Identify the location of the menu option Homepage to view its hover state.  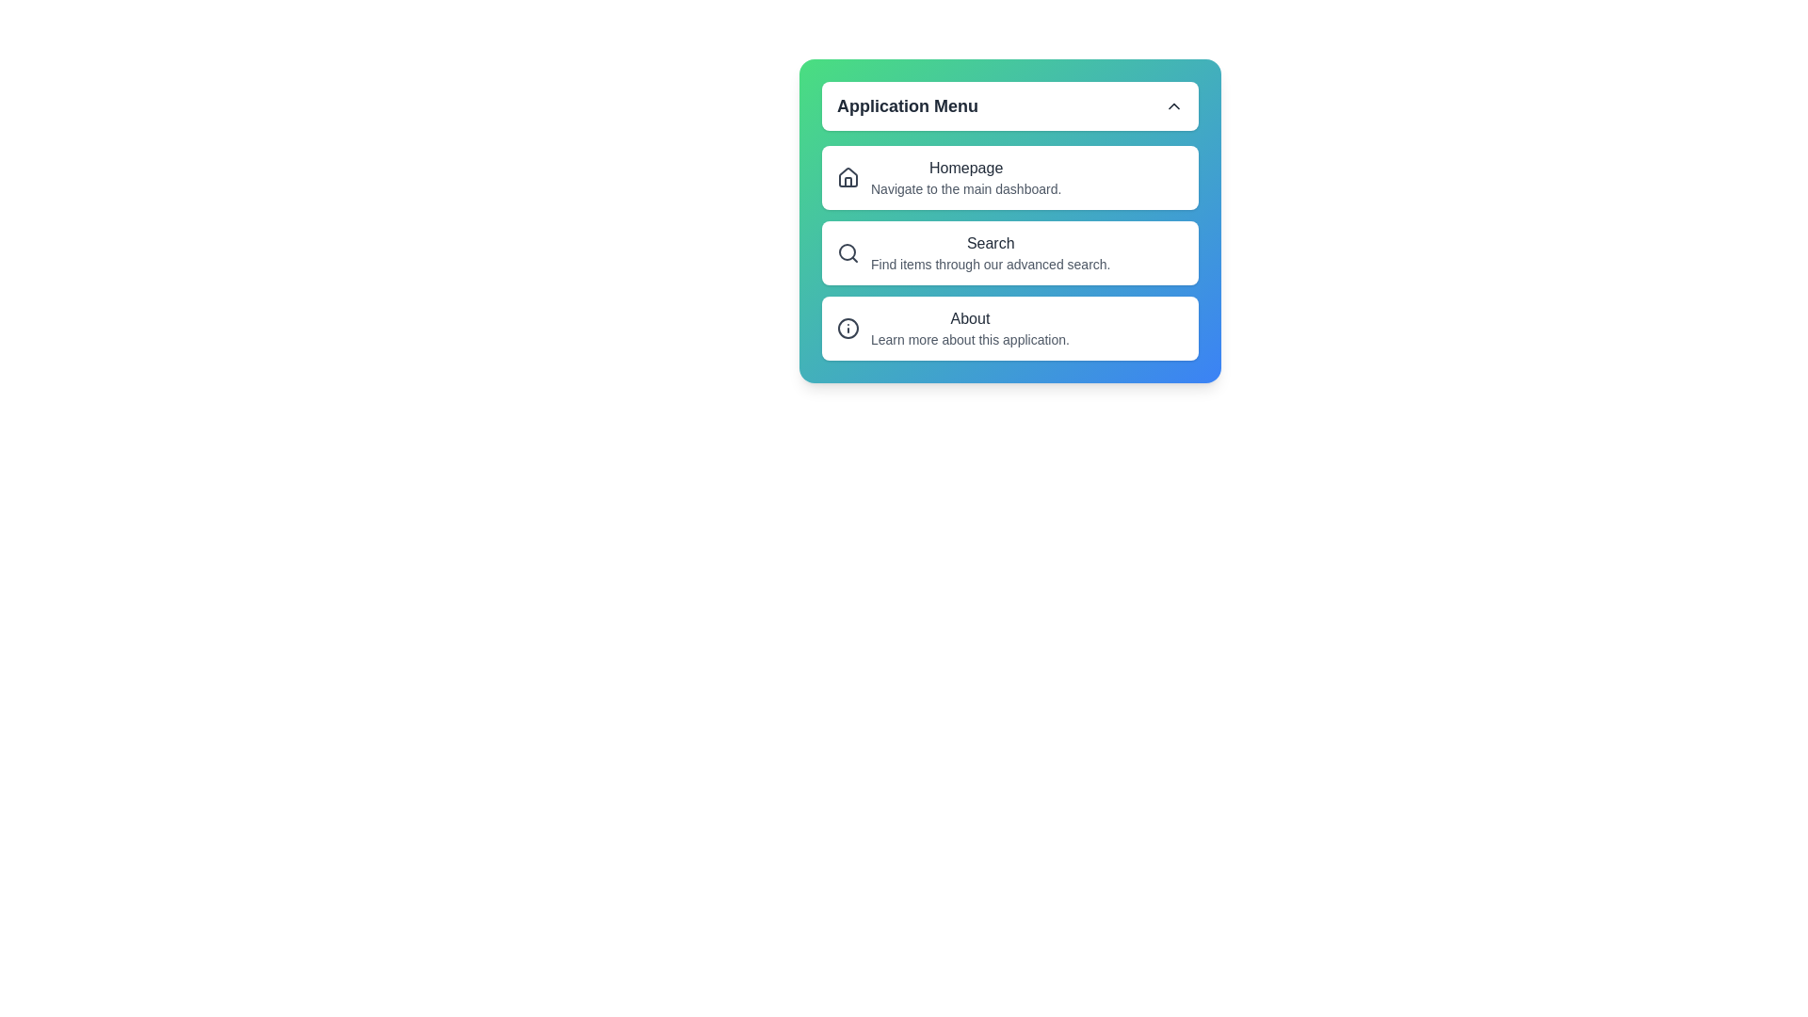
(1009, 178).